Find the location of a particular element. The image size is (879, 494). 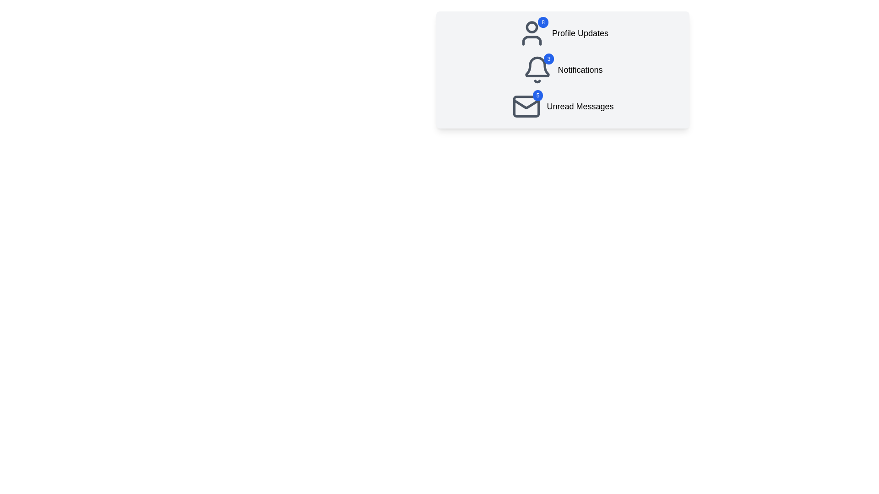

the text label displaying 'Notifications' that is aligned to the right of the bell icon in the notification section is located at coordinates (580, 70).